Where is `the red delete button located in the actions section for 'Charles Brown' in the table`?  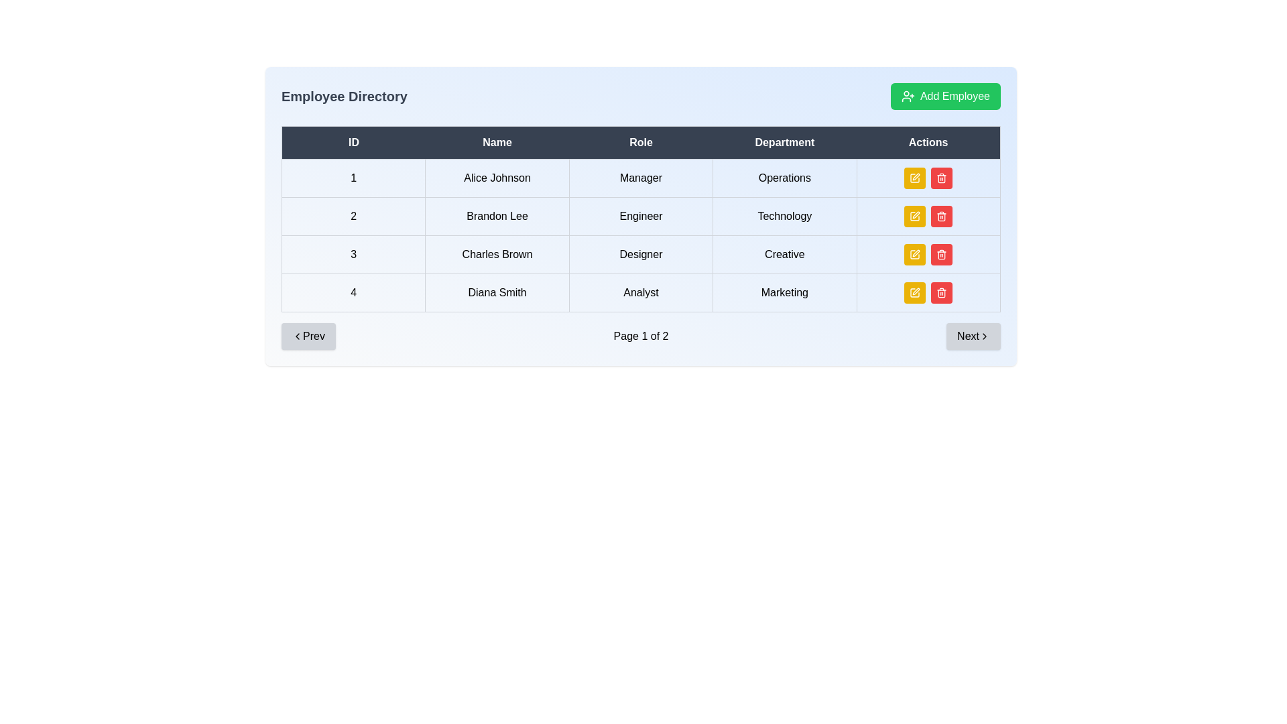
the red delete button located in the actions section for 'Charles Brown' in the table is located at coordinates (928, 255).